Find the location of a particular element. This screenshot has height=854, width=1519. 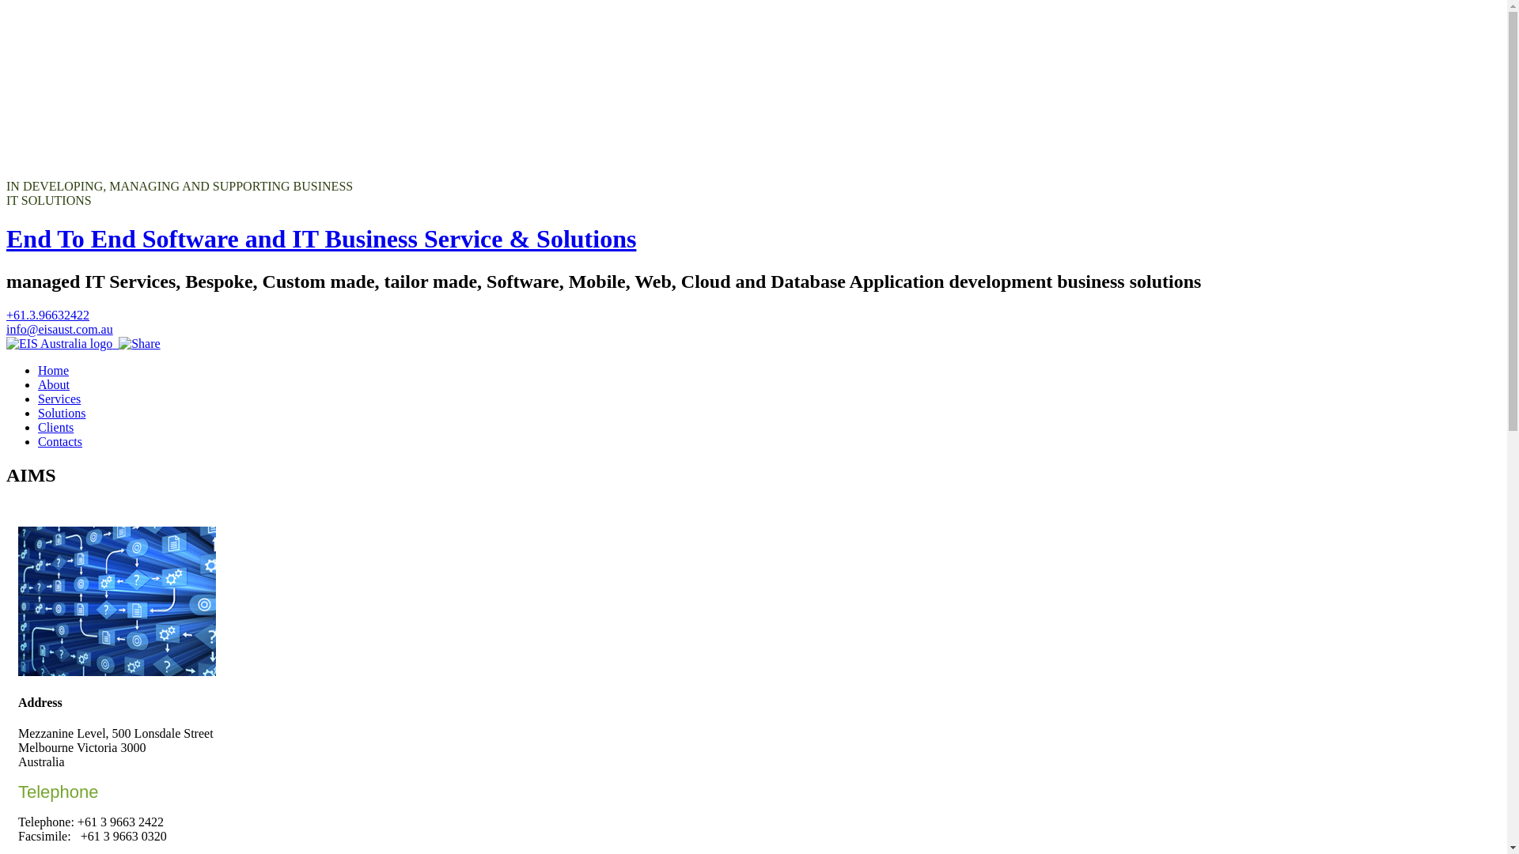

'Contacts' is located at coordinates (60, 441).